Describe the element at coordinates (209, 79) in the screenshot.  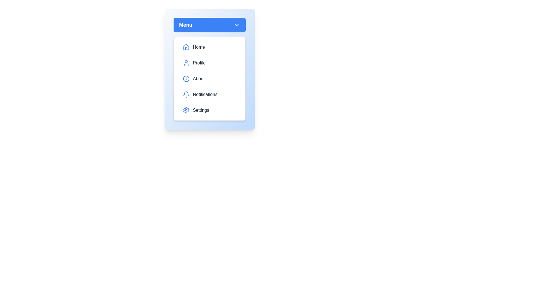
I see `the menu item About from the menu` at that location.